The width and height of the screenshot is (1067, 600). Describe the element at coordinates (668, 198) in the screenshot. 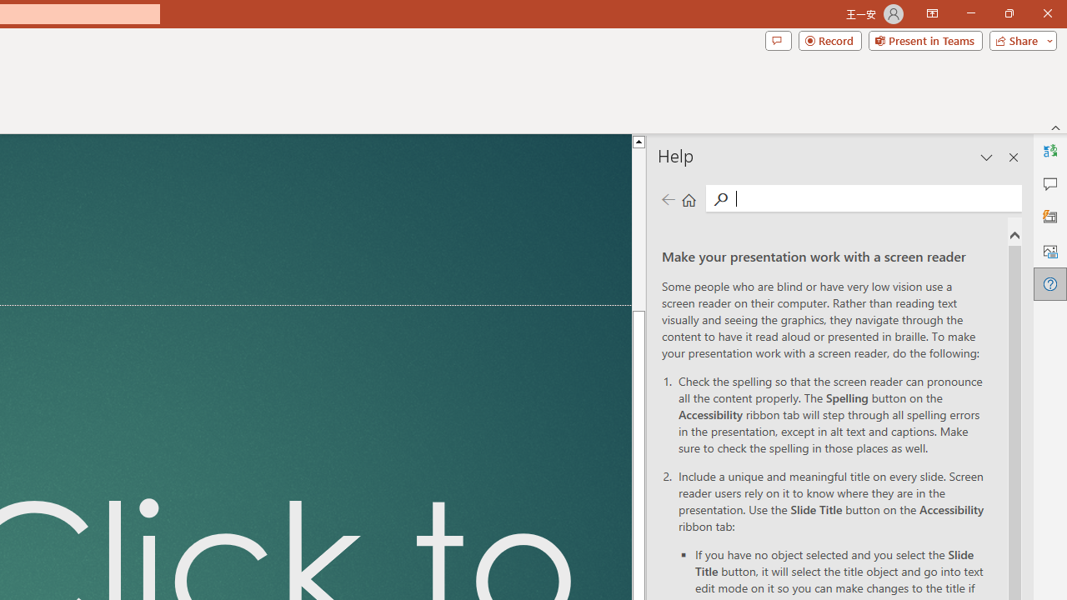

I see `'Previous page'` at that location.